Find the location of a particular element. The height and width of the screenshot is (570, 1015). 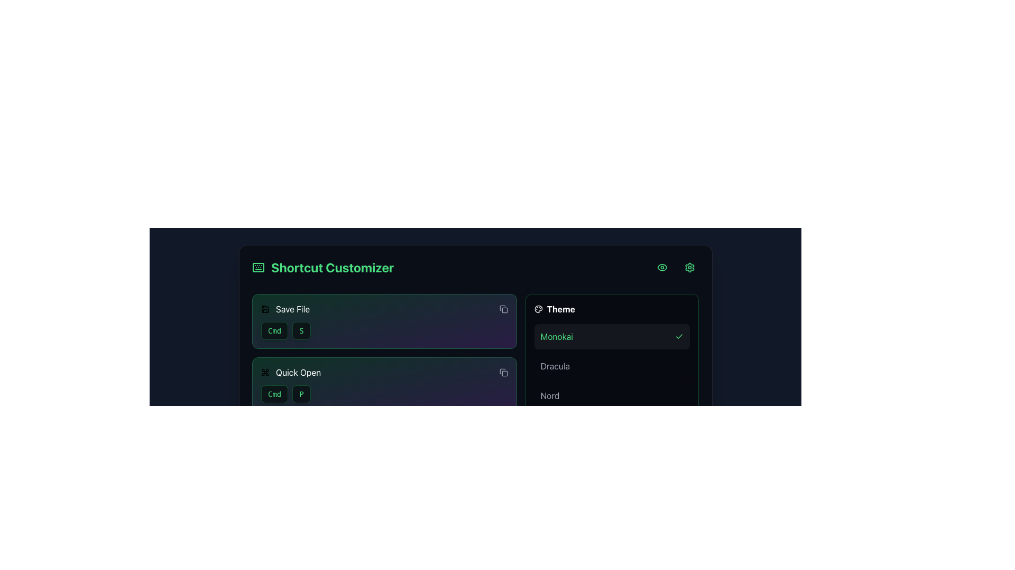

to select the 'Dracula' theme option, which is the second option in the vertically stacked list within the 'Theme' section of the 'Shortcut Customizer' interface is located at coordinates (612, 366).